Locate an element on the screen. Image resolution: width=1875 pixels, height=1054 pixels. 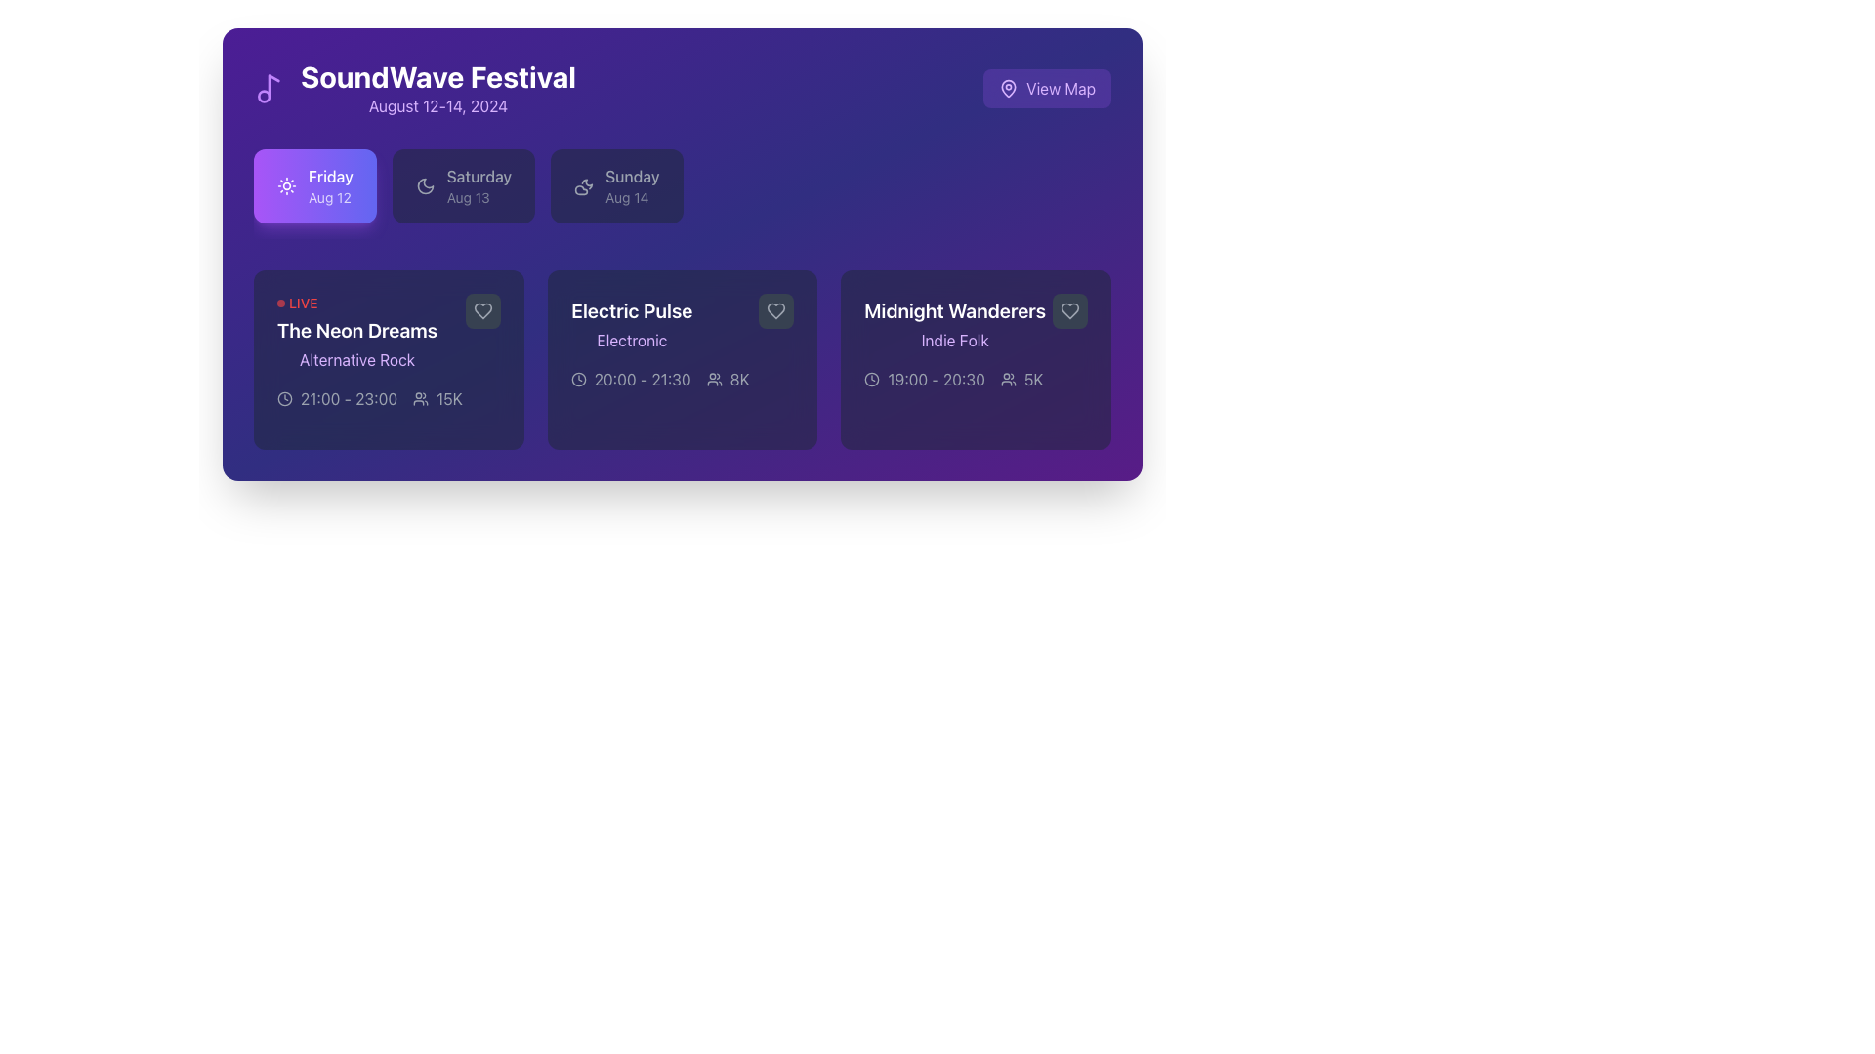
the second card in the horizontal list of event cards is located at coordinates (683, 348).